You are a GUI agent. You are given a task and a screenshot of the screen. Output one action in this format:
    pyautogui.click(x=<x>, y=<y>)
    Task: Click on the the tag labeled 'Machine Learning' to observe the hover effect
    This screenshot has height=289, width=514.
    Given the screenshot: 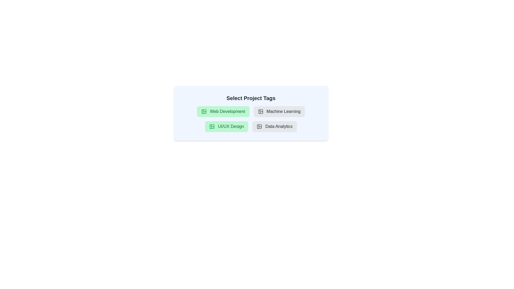 What is the action you would take?
    pyautogui.click(x=279, y=111)
    